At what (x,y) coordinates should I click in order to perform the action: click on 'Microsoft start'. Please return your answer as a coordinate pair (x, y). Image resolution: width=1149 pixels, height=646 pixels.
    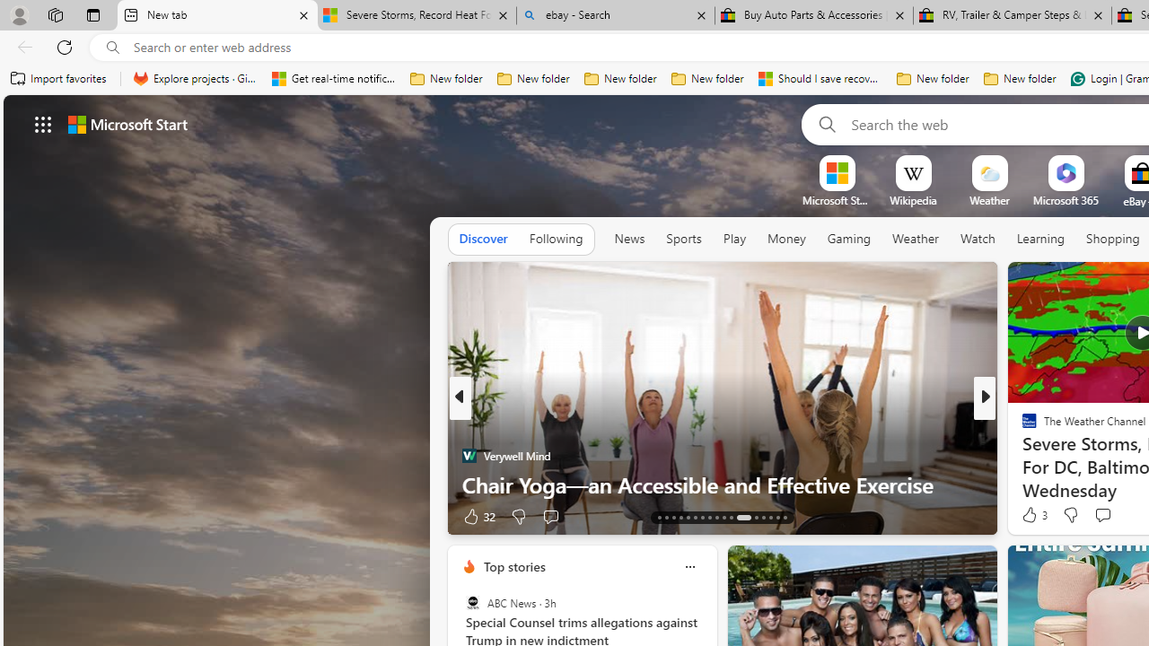
    Looking at the image, I should click on (127, 123).